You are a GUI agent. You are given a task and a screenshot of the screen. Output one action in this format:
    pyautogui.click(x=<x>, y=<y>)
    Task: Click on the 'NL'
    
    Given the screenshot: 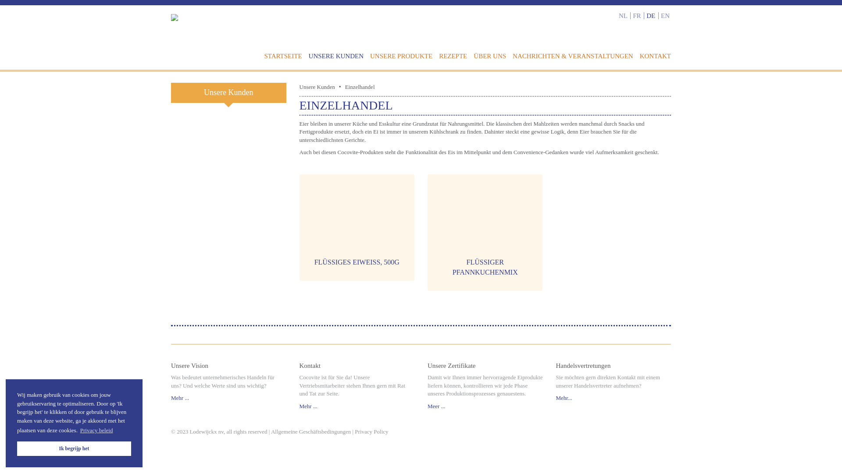 What is the action you would take?
    pyautogui.click(x=623, y=15)
    